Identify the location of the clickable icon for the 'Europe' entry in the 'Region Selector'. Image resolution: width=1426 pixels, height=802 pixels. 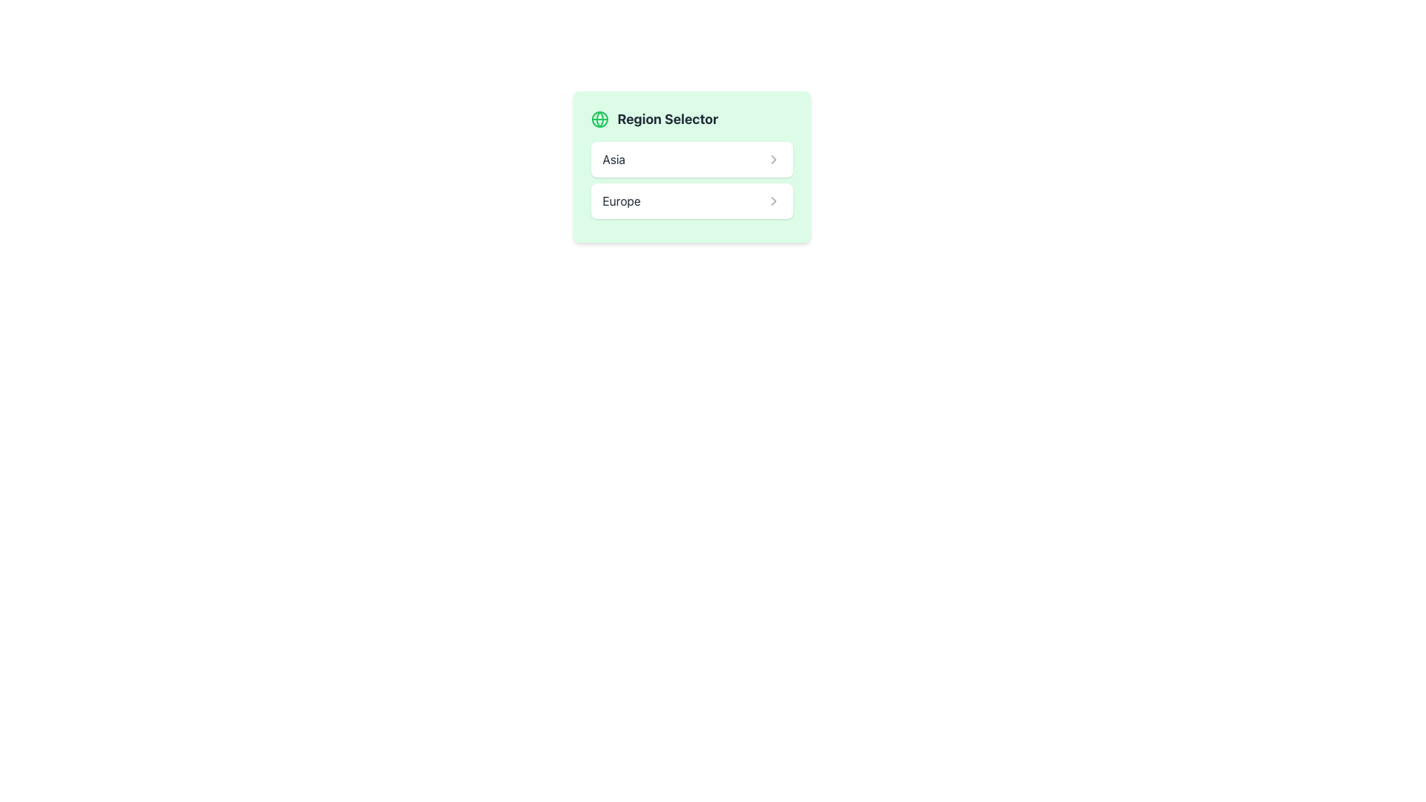
(772, 200).